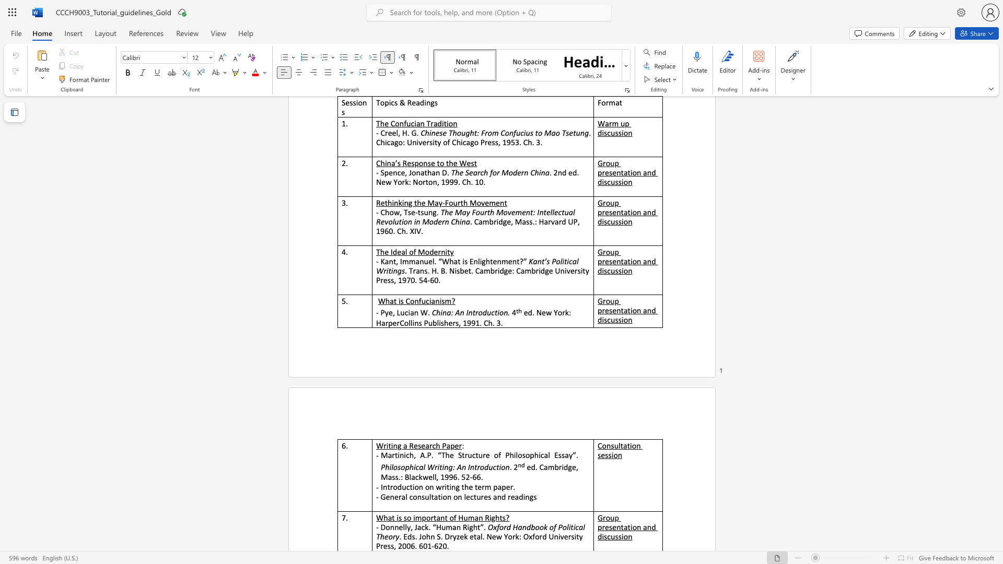  What do you see at coordinates (609, 527) in the screenshot?
I see `the subset text "sentation and disc" within the text "Group presentation and discussion"` at bounding box center [609, 527].